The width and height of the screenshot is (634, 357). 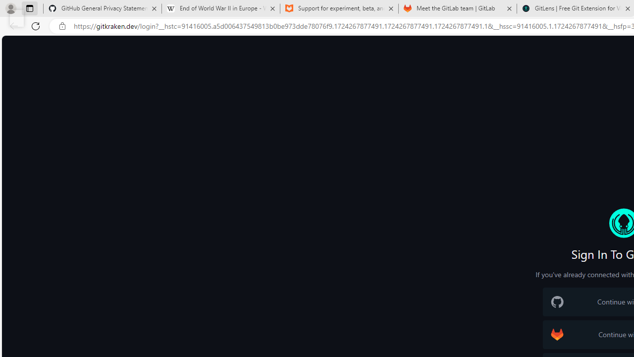 I want to click on 'GitHub Logo', so click(x=557, y=301).